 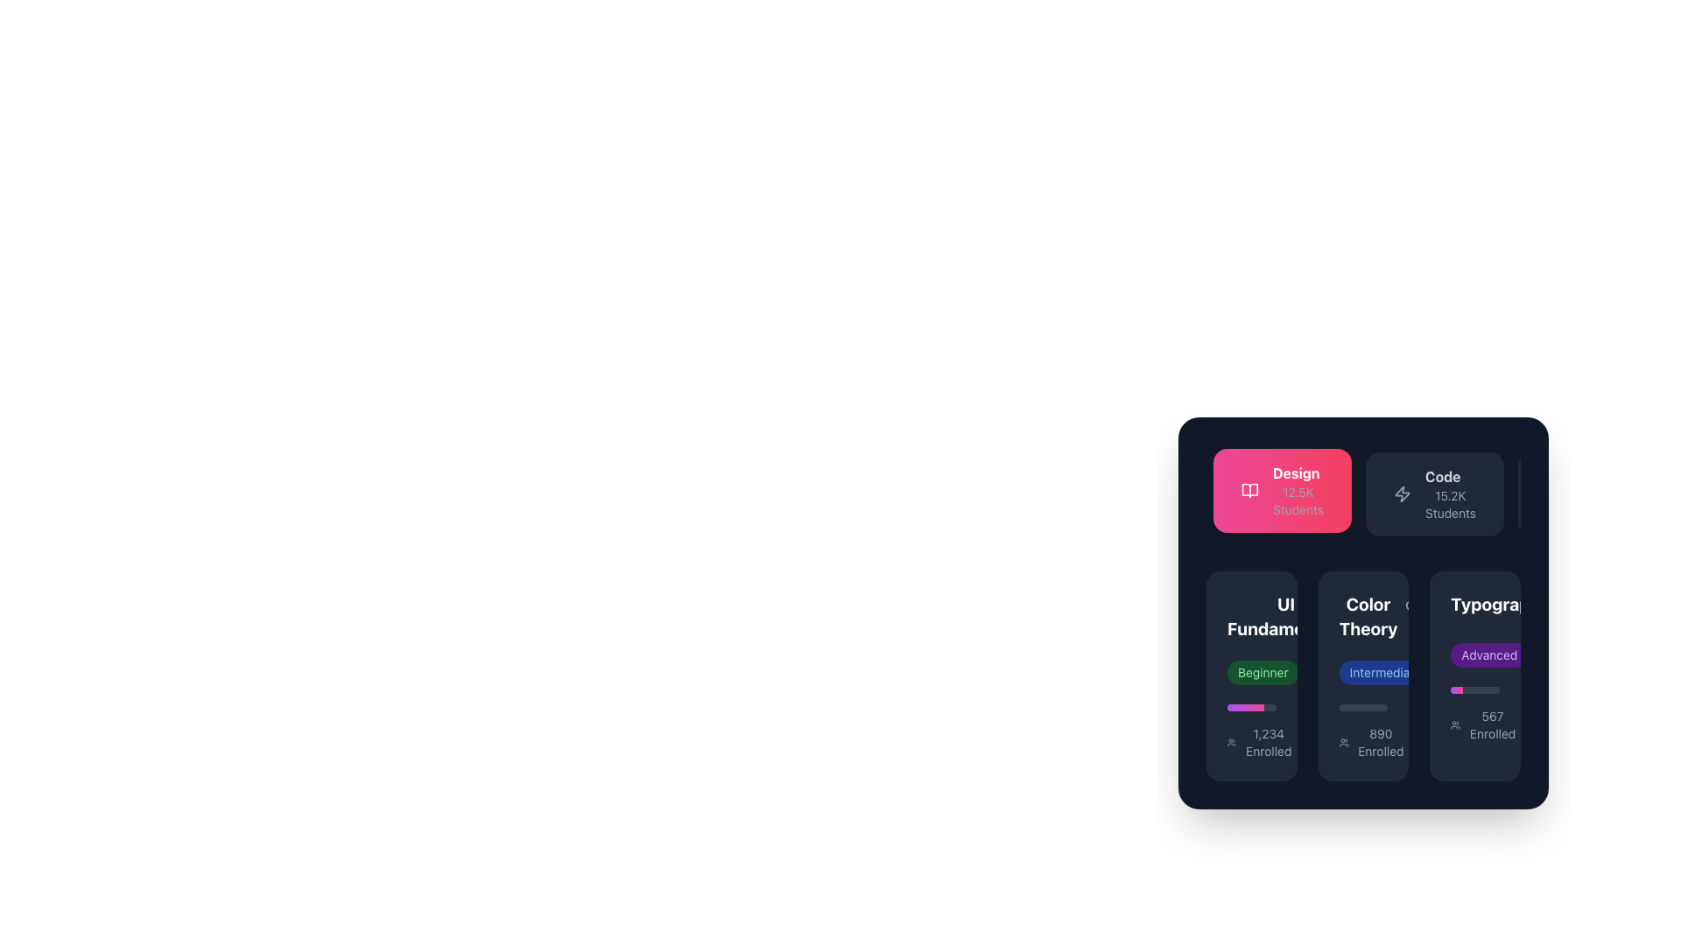 I want to click on the small circular clock face icon that is visually aligned with the text label displaying '1h 45m', so click(x=1450, y=671).